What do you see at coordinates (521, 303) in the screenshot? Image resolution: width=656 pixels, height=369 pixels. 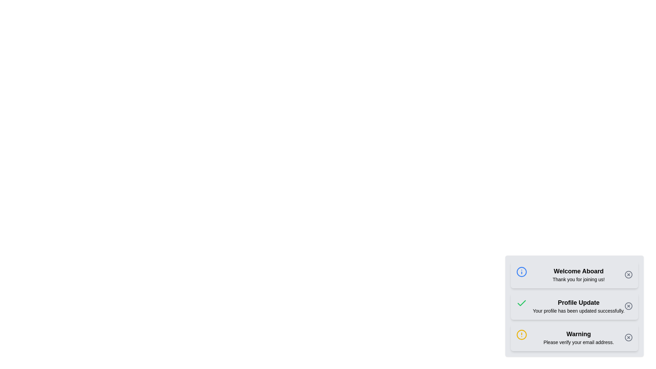 I see `the icon indicating a successful profile update within the middle notification card that displays the message 'Profile Update'` at bounding box center [521, 303].